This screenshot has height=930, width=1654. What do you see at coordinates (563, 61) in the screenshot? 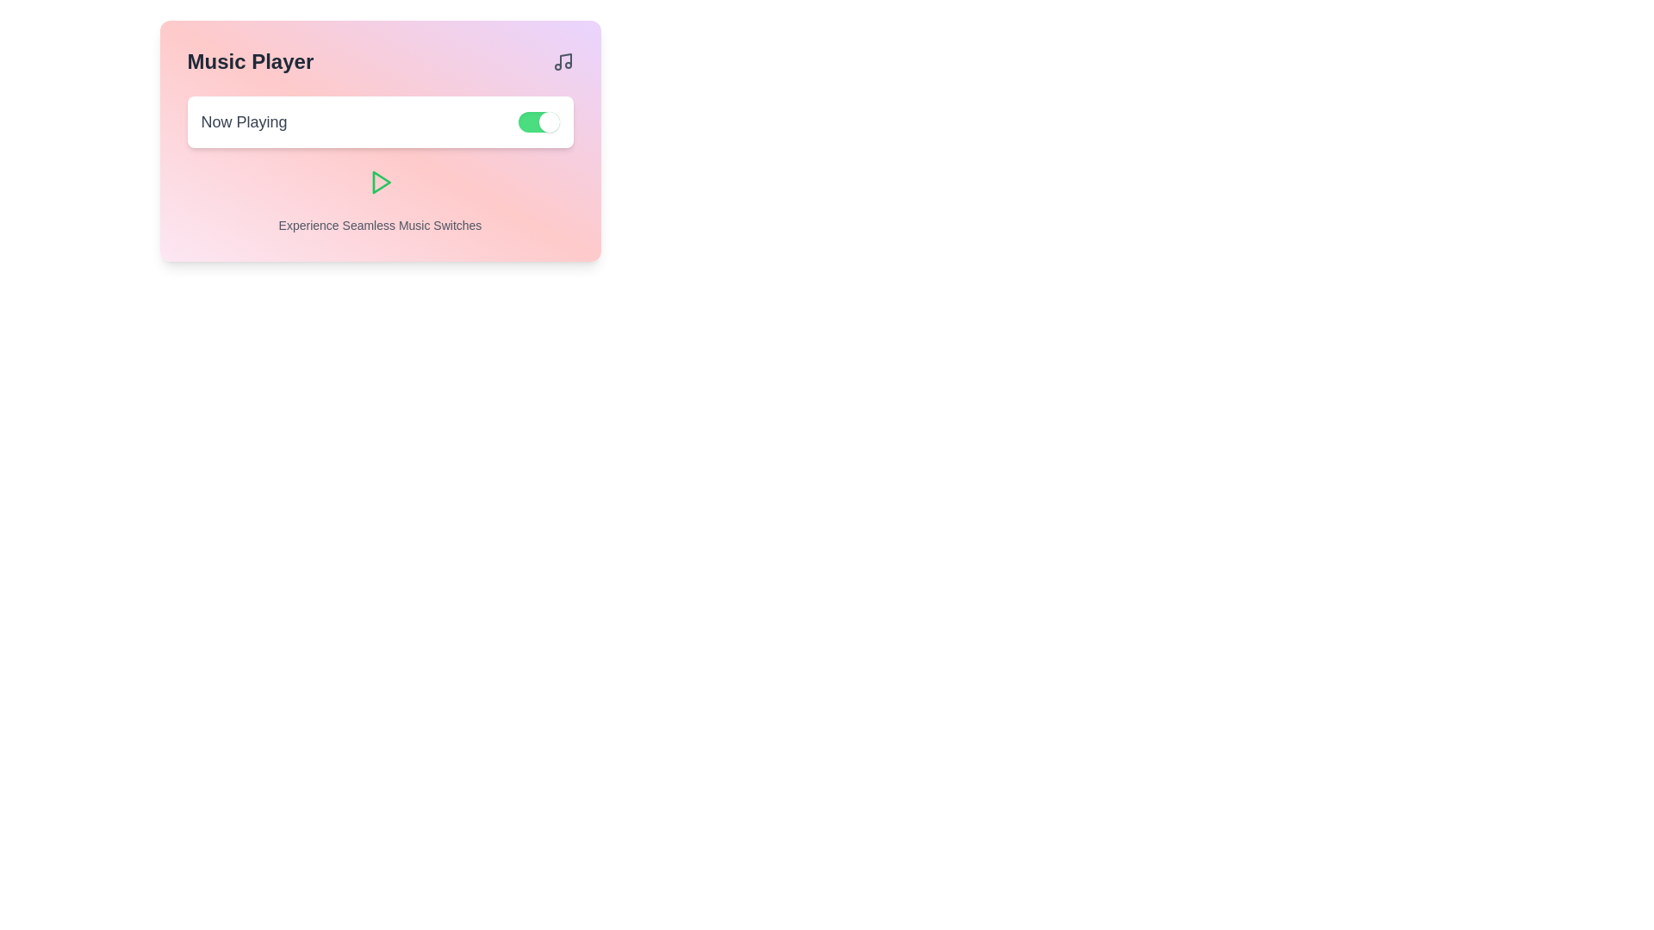
I see `the musical note icon located in the top-right corner of the 'Music Player' panel, adjacent to the 'Music Player' title text` at bounding box center [563, 61].